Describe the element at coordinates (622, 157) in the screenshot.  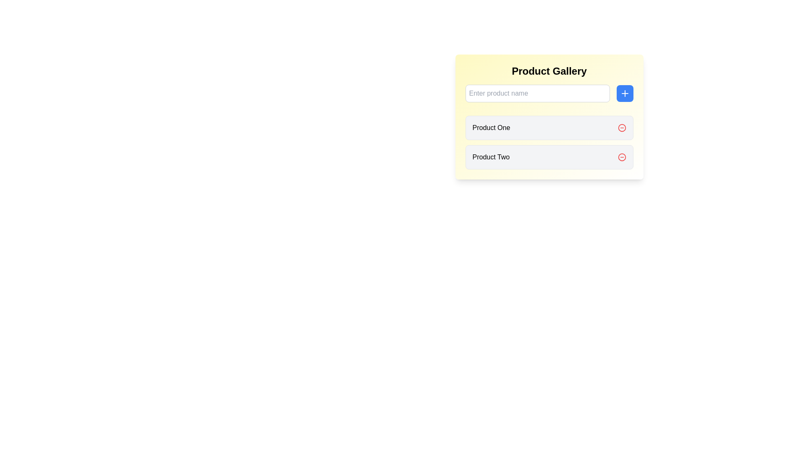
I see `the circular border of the SVG graphic positioned adjacent to the 'Product One' label in the list layout` at that location.